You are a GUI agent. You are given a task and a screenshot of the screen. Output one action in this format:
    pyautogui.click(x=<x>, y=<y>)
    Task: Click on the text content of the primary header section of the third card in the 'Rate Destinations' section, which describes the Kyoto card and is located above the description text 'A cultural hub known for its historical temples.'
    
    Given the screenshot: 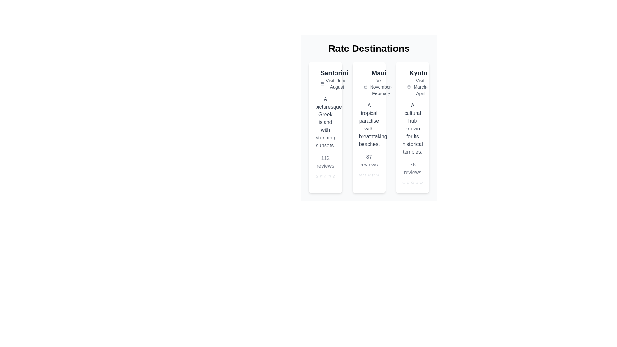 What is the action you would take?
    pyautogui.click(x=413, y=82)
    